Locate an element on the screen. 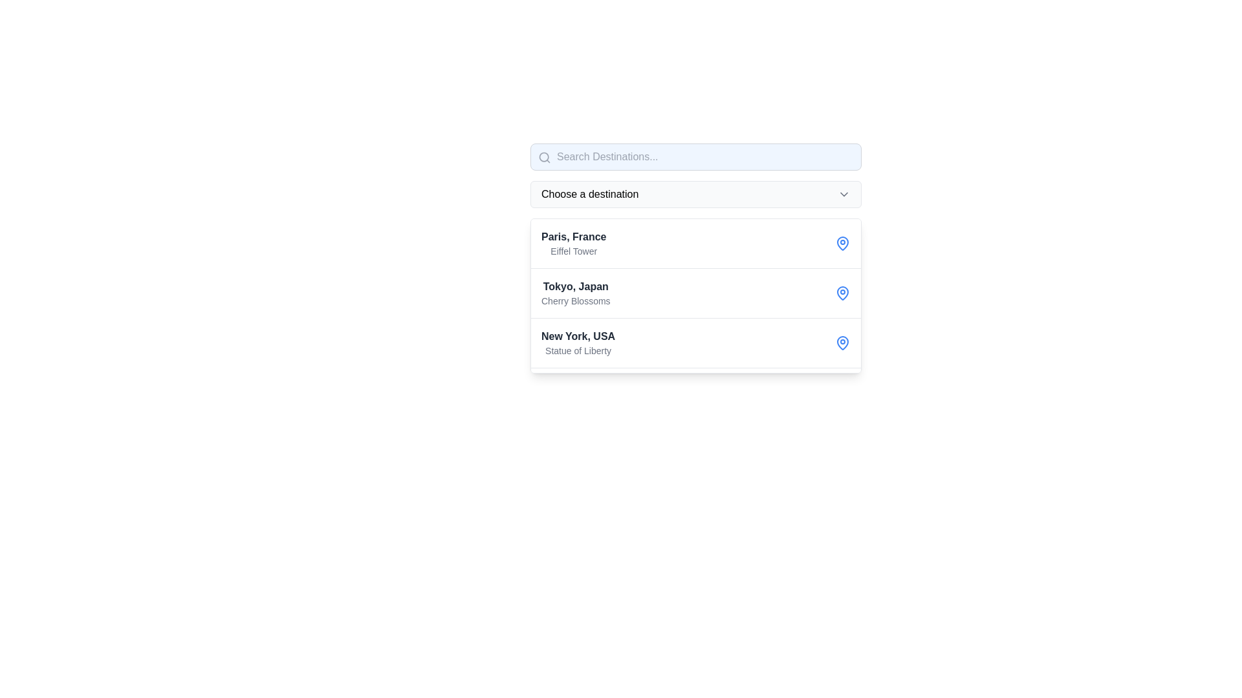 This screenshot has height=698, width=1242. the map pin icon located in the top-right corner of the list item containing 'Paris, France' and 'Eiffel Tower' is located at coordinates (842, 244).